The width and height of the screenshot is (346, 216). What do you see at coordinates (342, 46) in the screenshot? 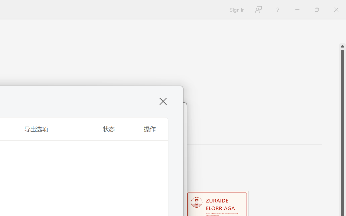
I see `'Line up'` at bounding box center [342, 46].